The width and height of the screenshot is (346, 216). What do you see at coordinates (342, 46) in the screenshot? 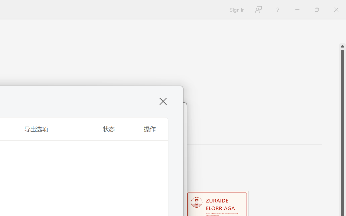
I see `'Line up'` at bounding box center [342, 46].